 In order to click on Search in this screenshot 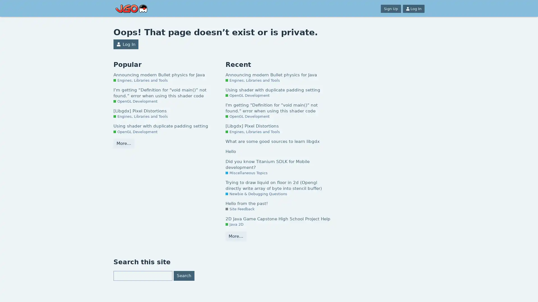, I will do `click(184, 275)`.